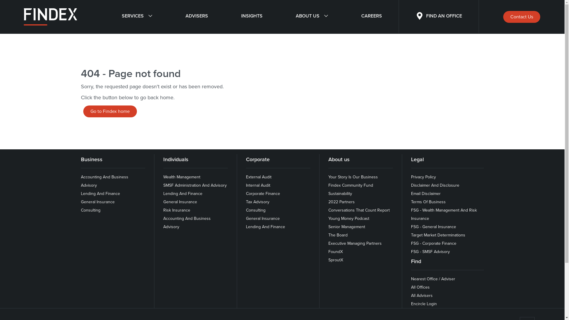  Describe the element at coordinates (328, 243) in the screenshot. I see `'Executive Managing Partners'` at that location.